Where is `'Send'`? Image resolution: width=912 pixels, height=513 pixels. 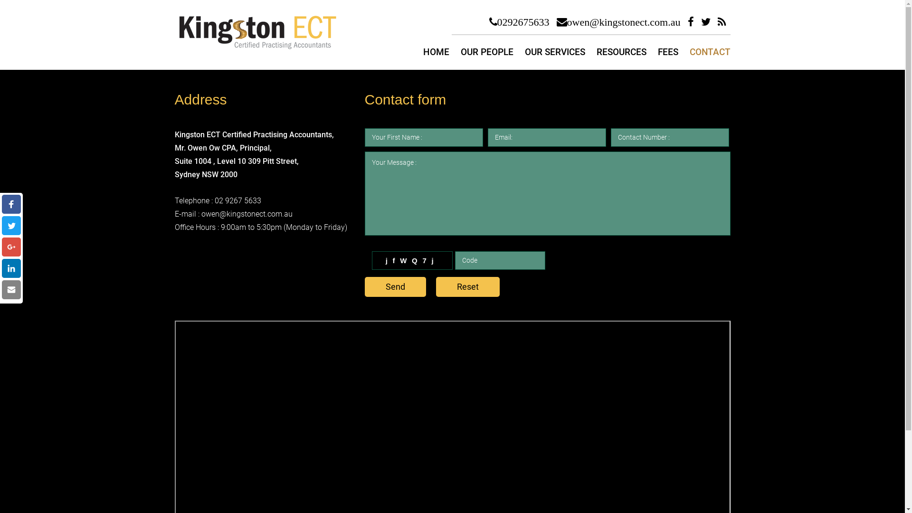 'Send' is located at coordinates (395, 286).